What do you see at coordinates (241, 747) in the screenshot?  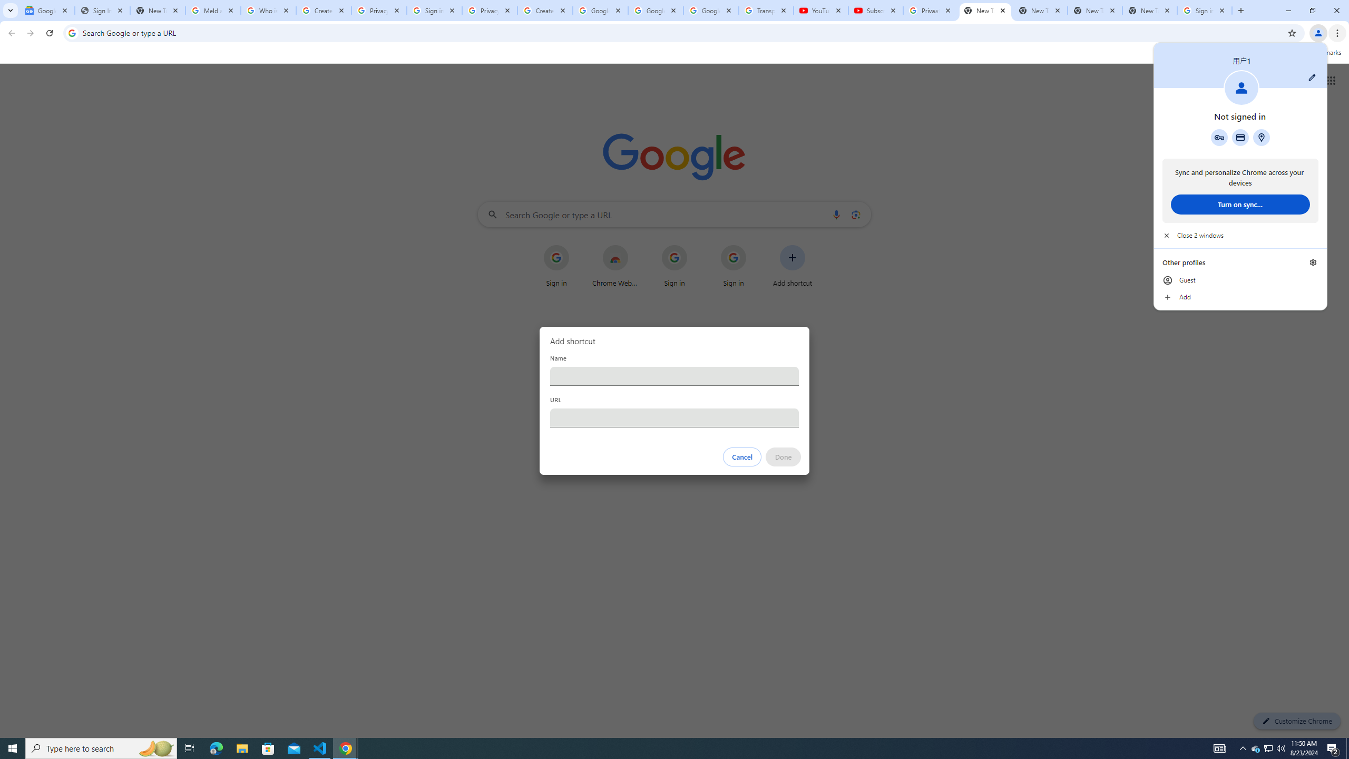 I see `'File Explorer'` at bounding box center [241, 747].